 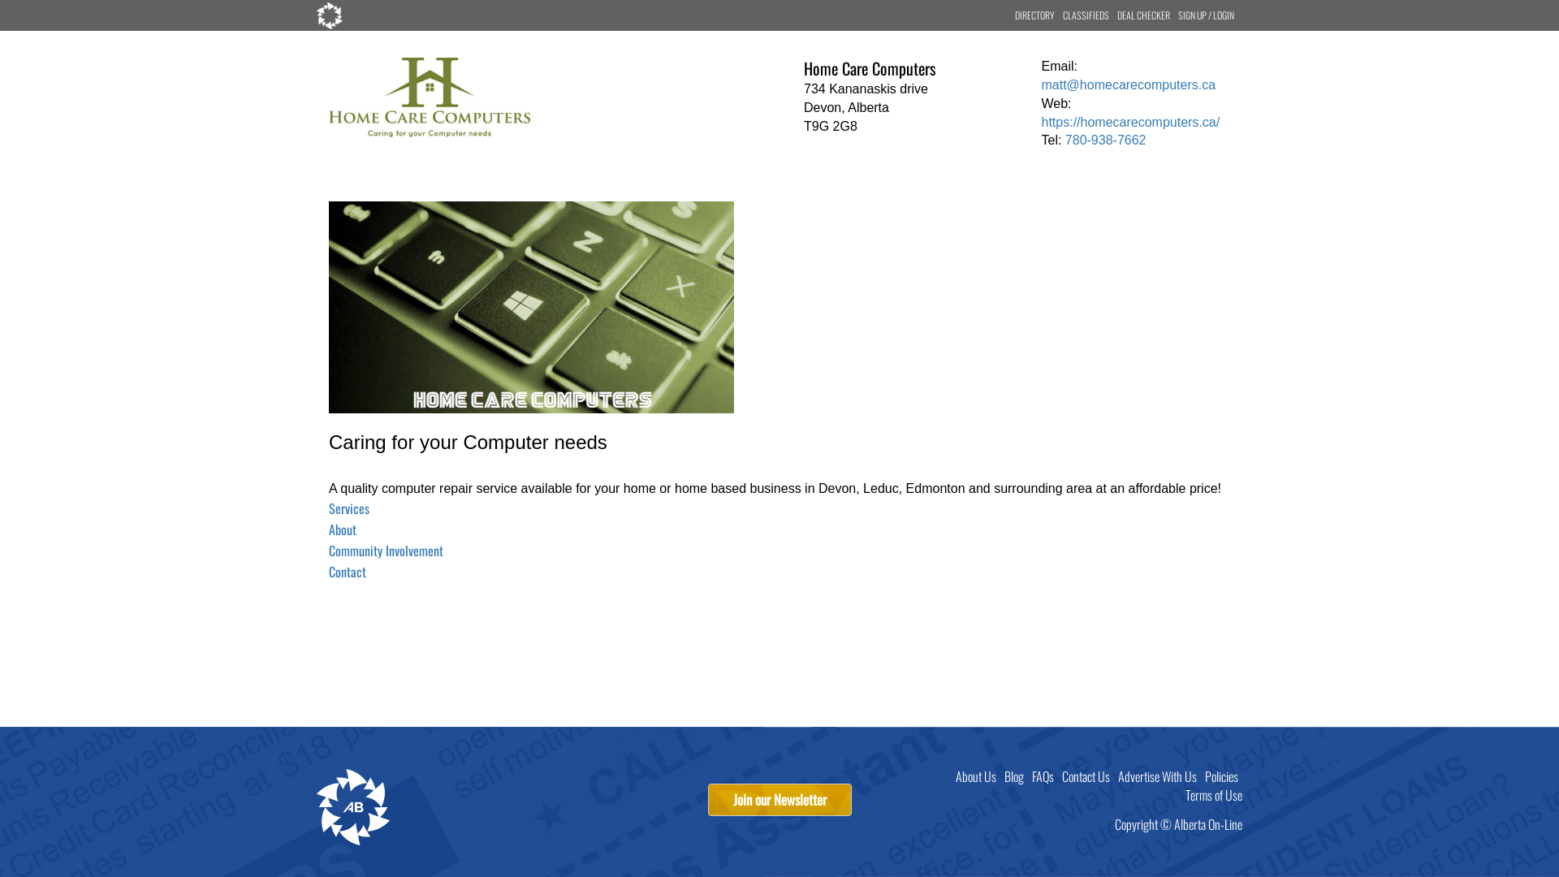 I want to click on 'CLASSIFIEDS', so click(x=1086, y=15).